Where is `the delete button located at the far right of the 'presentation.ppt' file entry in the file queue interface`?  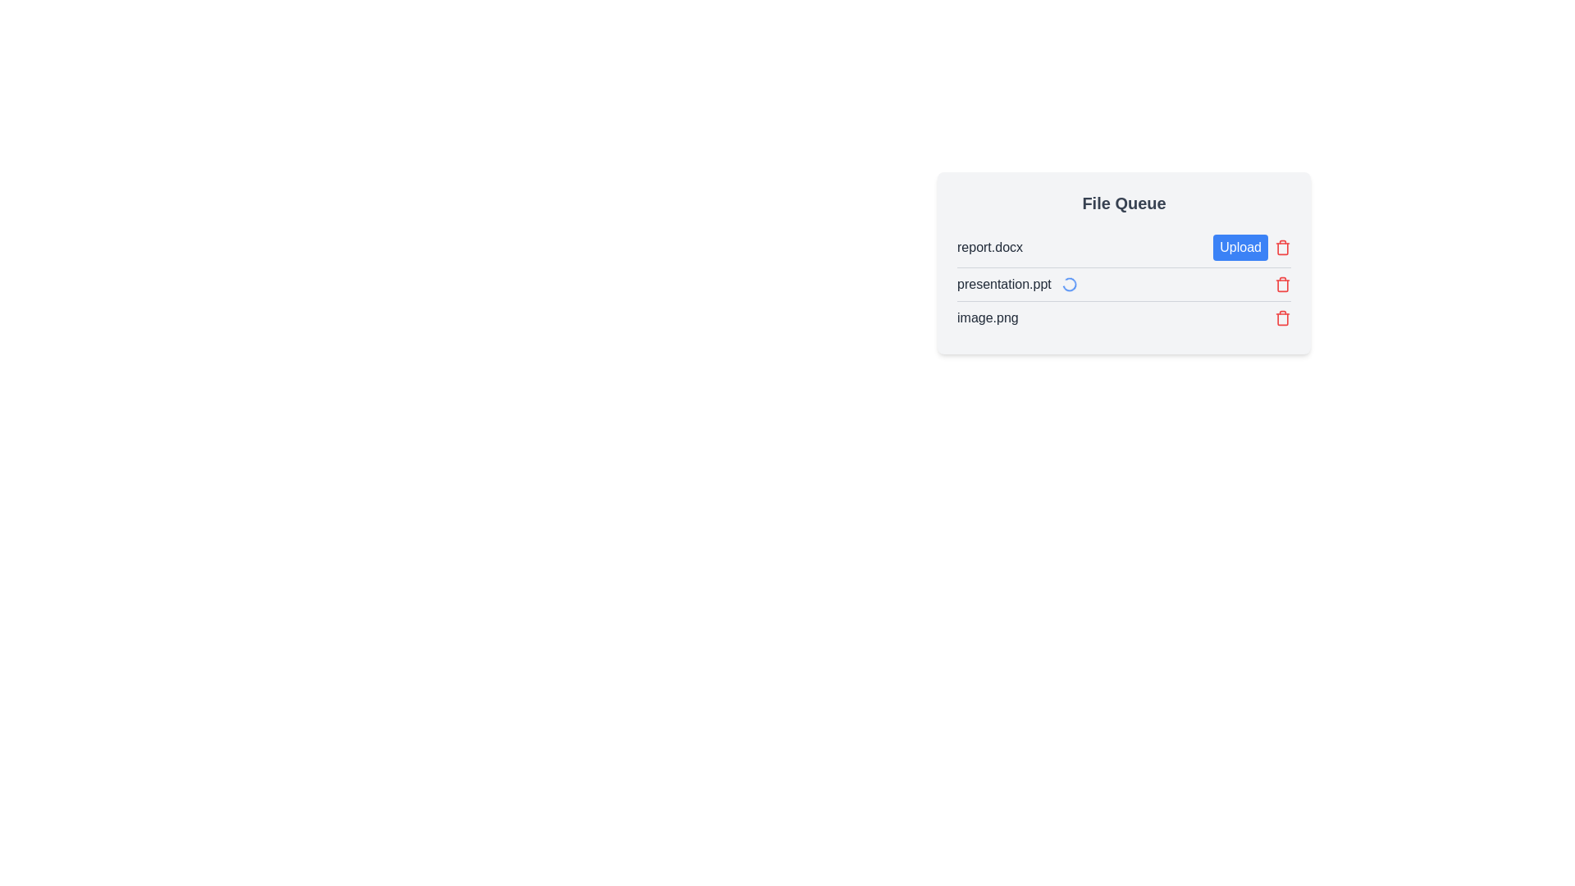 the delete button located at the far right of the 'presentation.ppt' file entry in the file queue interface is located at coordinates (1282, 284).